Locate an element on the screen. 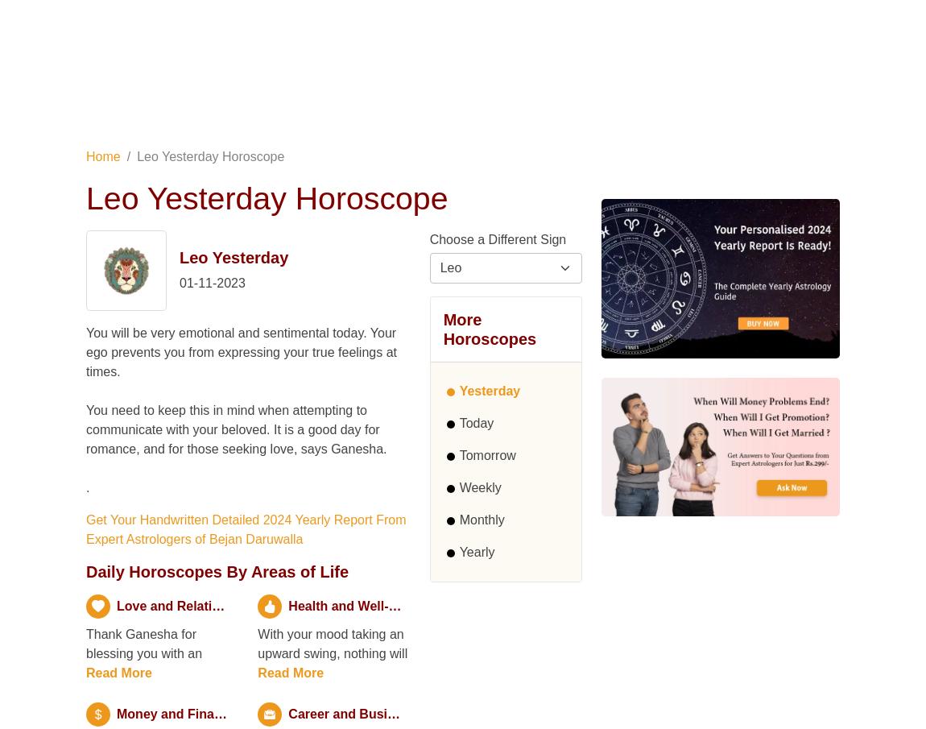 This screenshot has width=926, height=729. 'Rudrakasha , The incarnation of Lord Shiva Authenticated by GaneshaSpeaks Team' is located at coordinates (172, 159).